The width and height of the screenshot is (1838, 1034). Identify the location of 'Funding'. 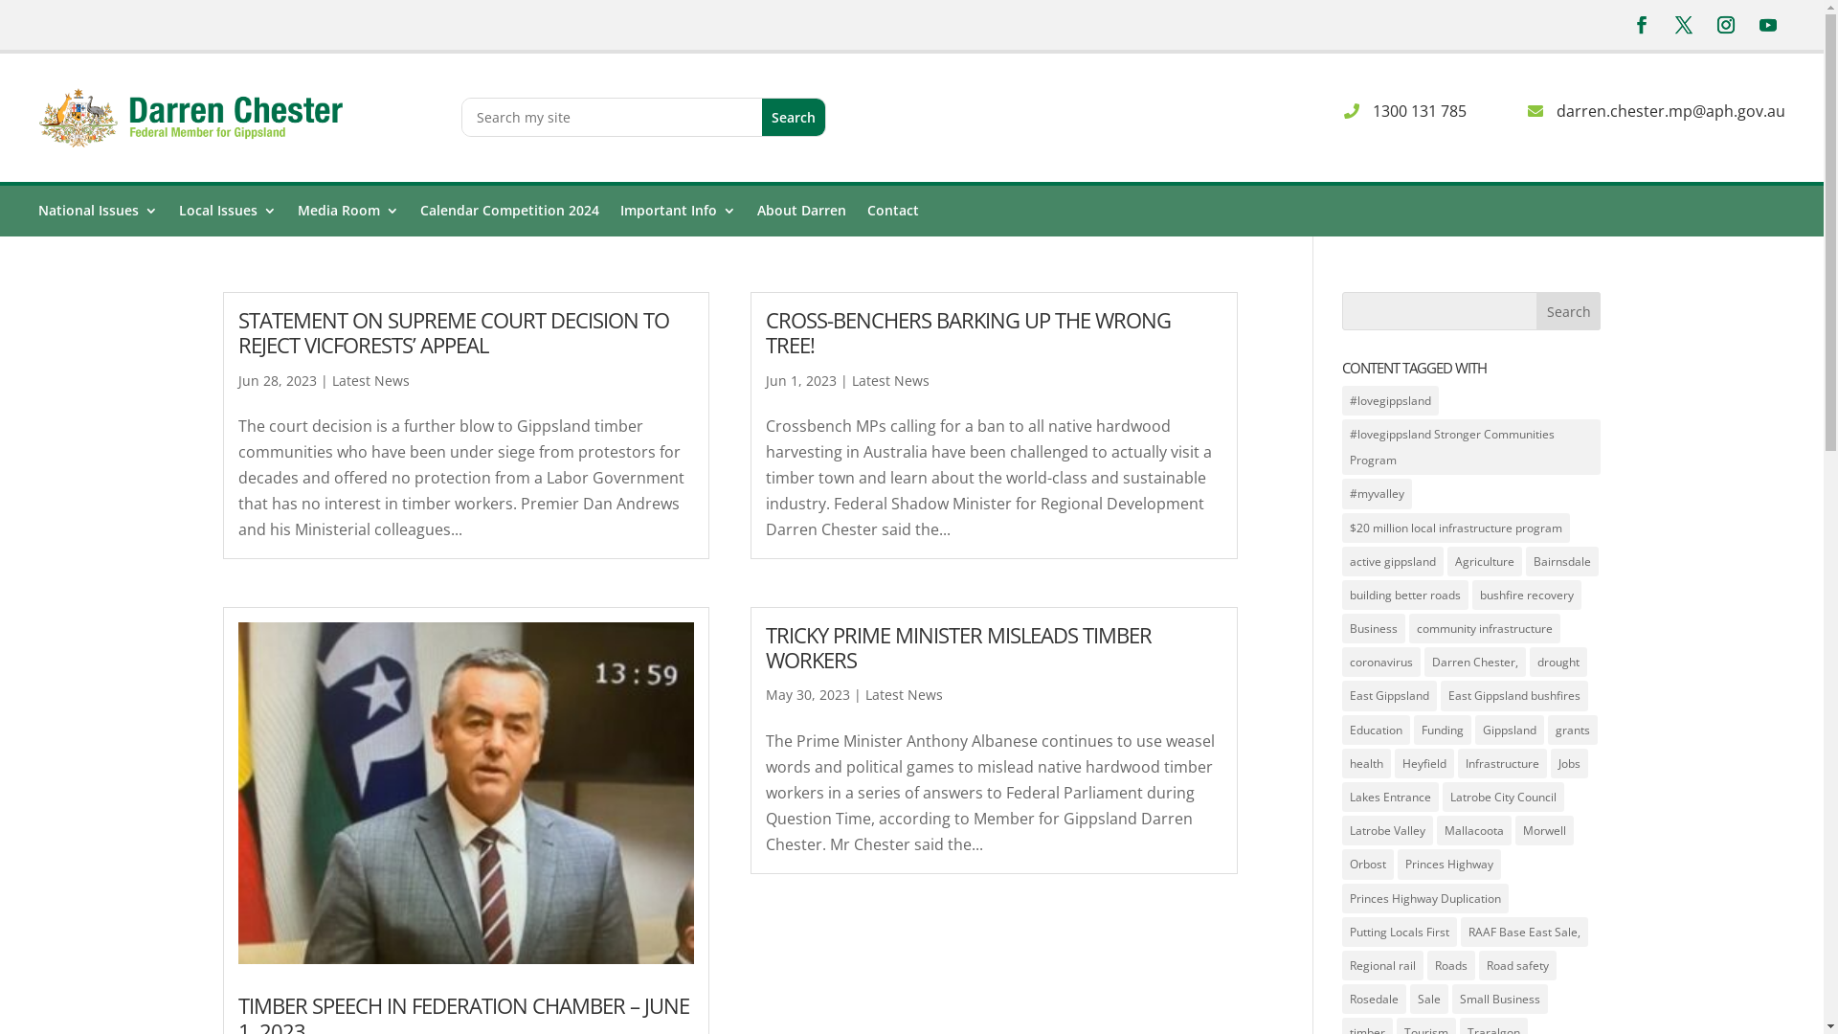
(1414, 730).